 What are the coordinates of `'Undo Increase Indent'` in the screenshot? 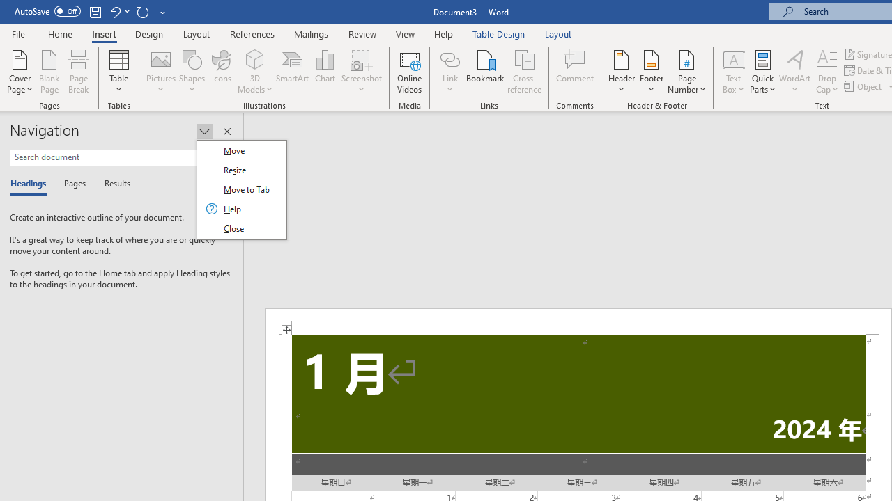 It's located at (118, 11).